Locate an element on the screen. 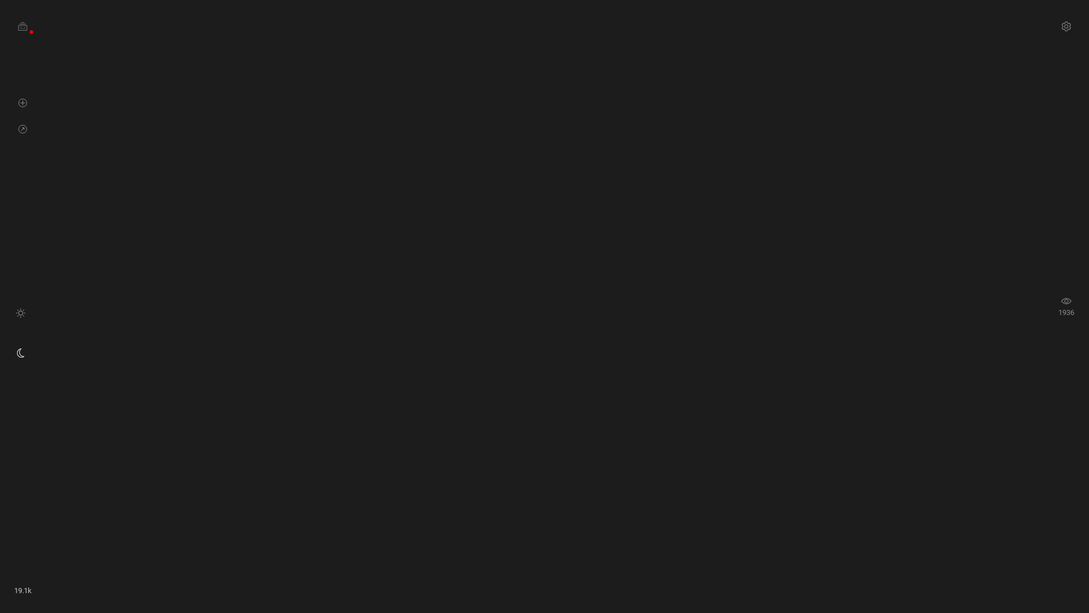 Image resolution: width=1089 pixels, height=613 pixels. 'New Litenote' is located at coordinates (23, 102).